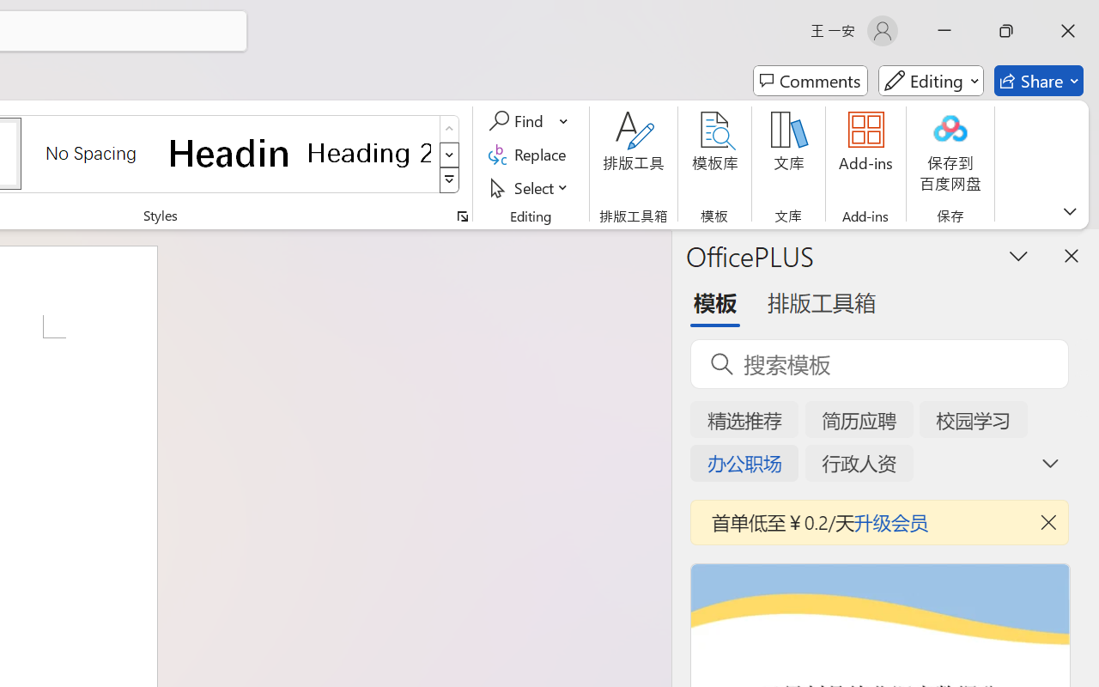 This screenshot has height=687, width=1099. Describe the element at coordinates (462, 216) in the screenshot. I see `'Styles...'` at that location.